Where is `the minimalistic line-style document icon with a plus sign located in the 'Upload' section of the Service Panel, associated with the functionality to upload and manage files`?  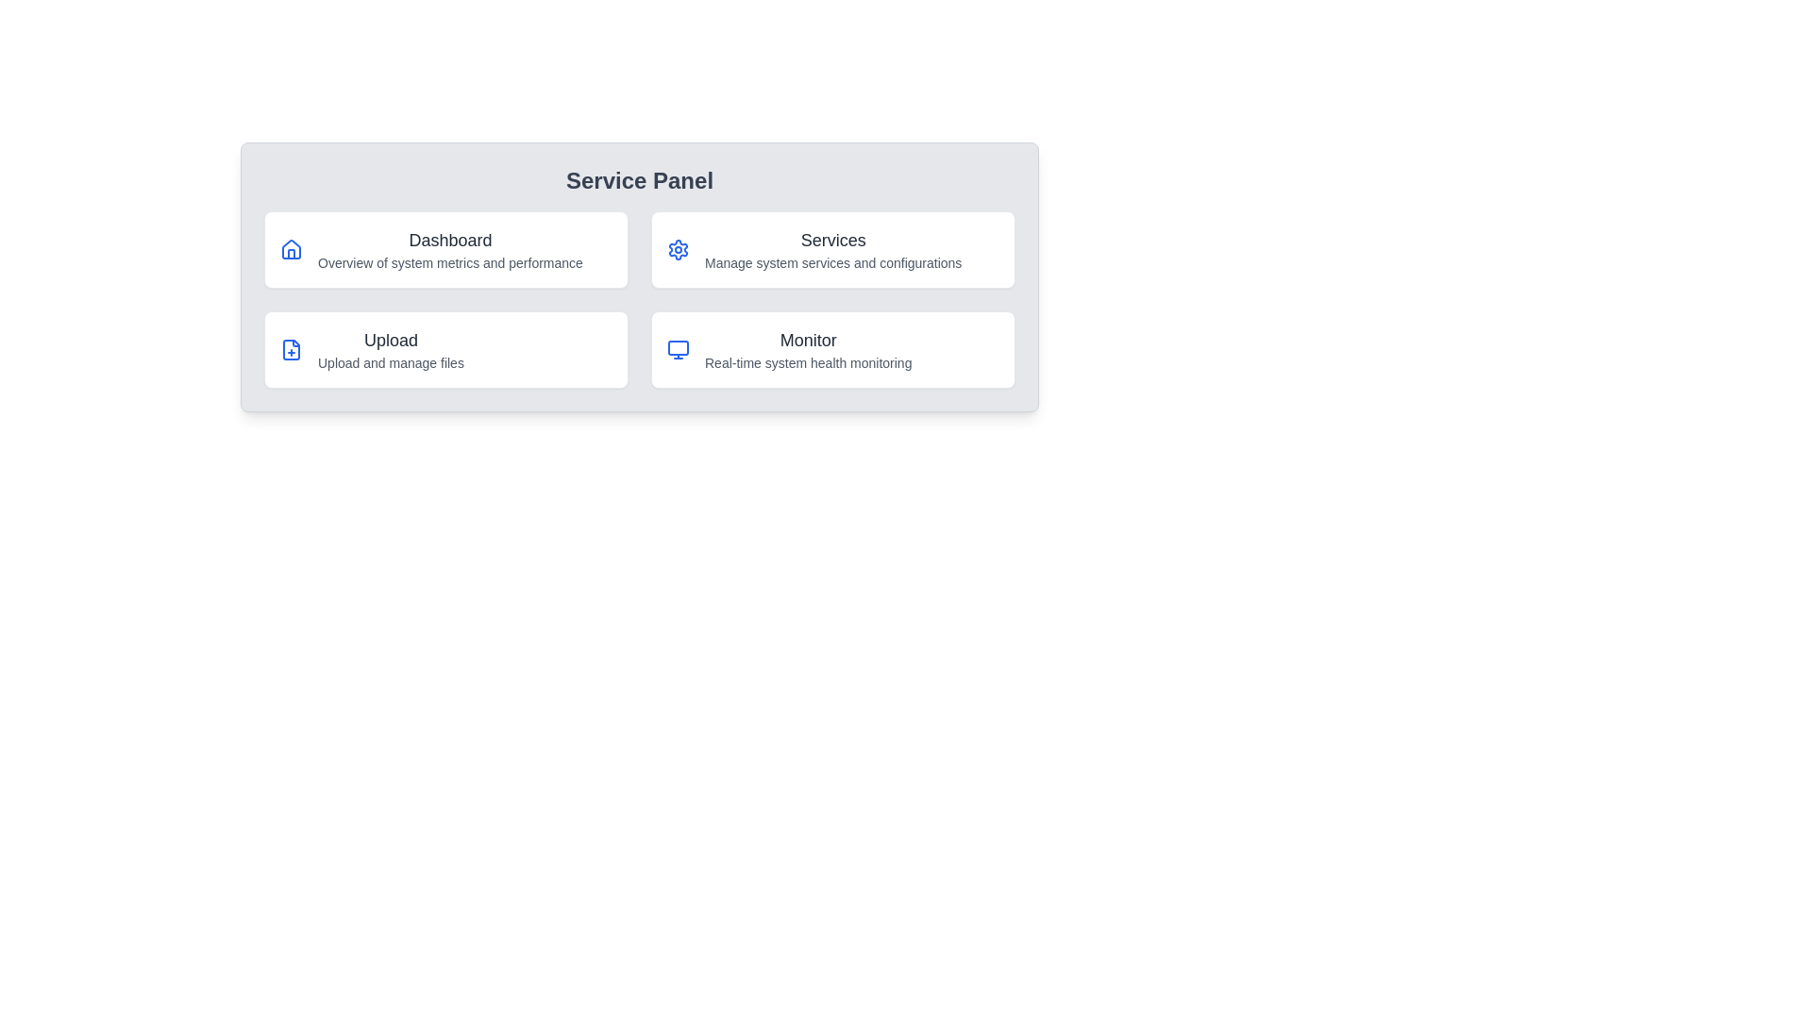
the minimalistic line-style document icon with a plus sign located in the 'Upload' section of the Service Panel, associated with the functionality to upload and manage files is located at coordinates (290, 349).